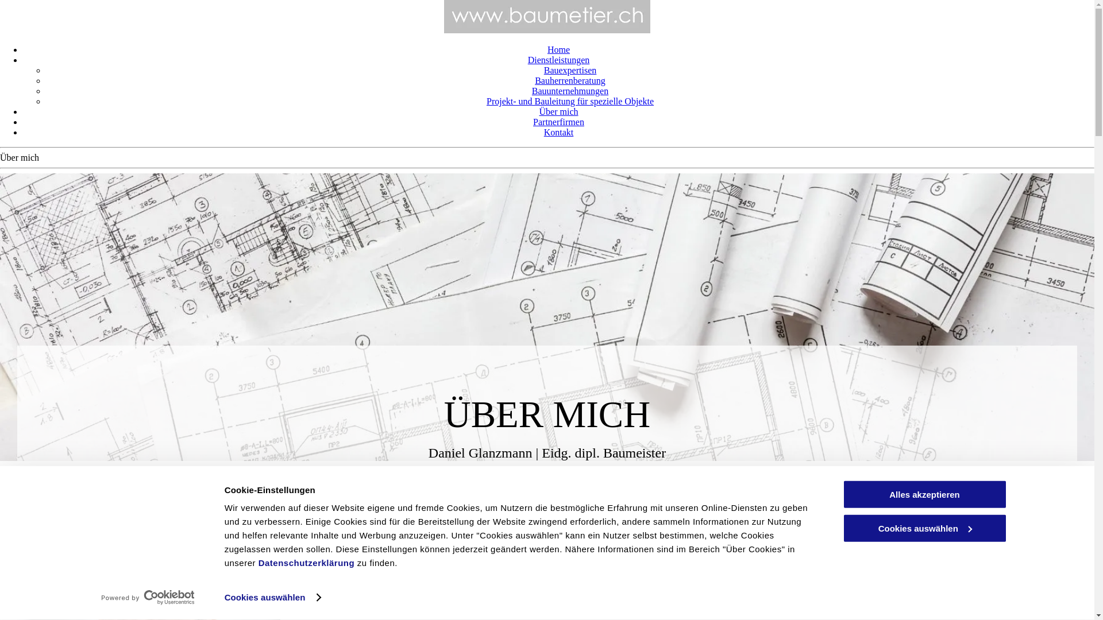 This screenshot has height=620, width=1103. Describe the element at coordinates (558, 49) in the screenshot. I see `'Home'` at that location.